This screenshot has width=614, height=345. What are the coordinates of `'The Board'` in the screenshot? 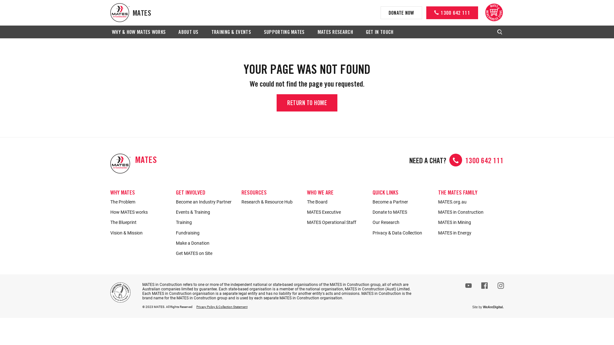 It's located at (336, 202).